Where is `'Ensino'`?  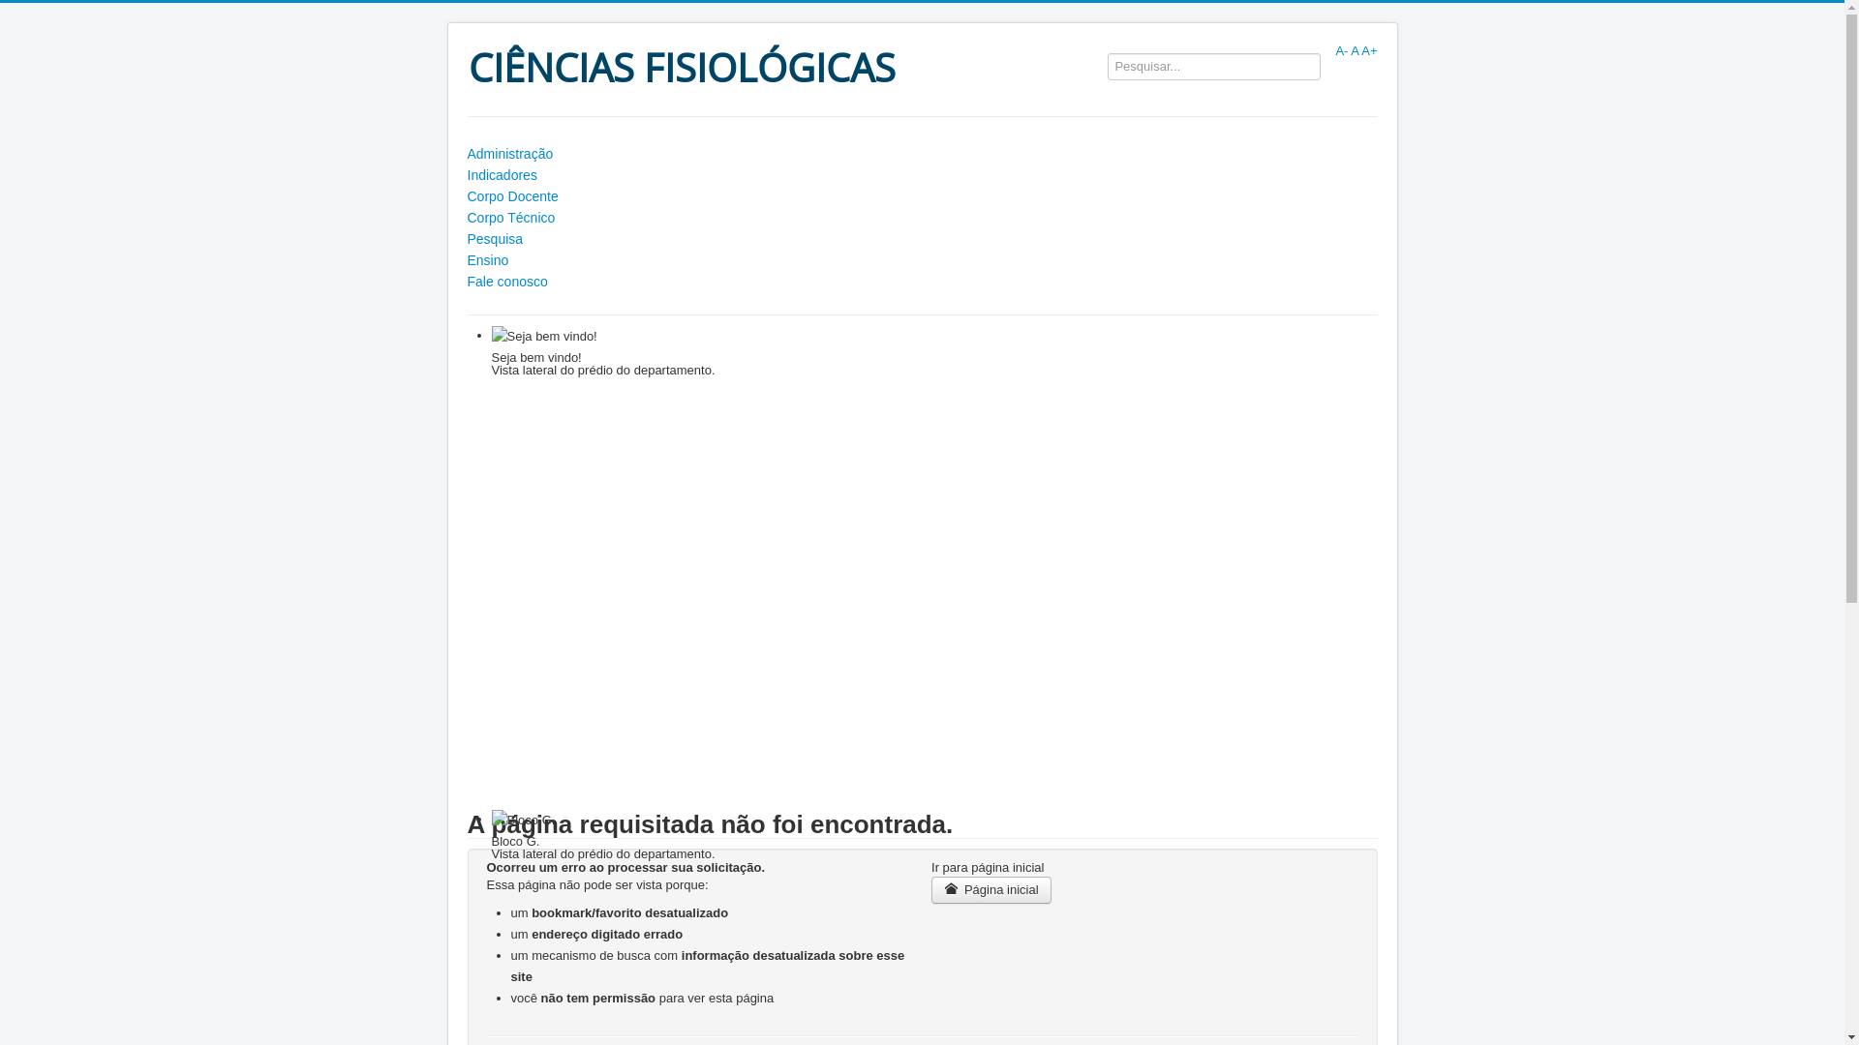
'Ensino' is located at coordinates (920, 259).